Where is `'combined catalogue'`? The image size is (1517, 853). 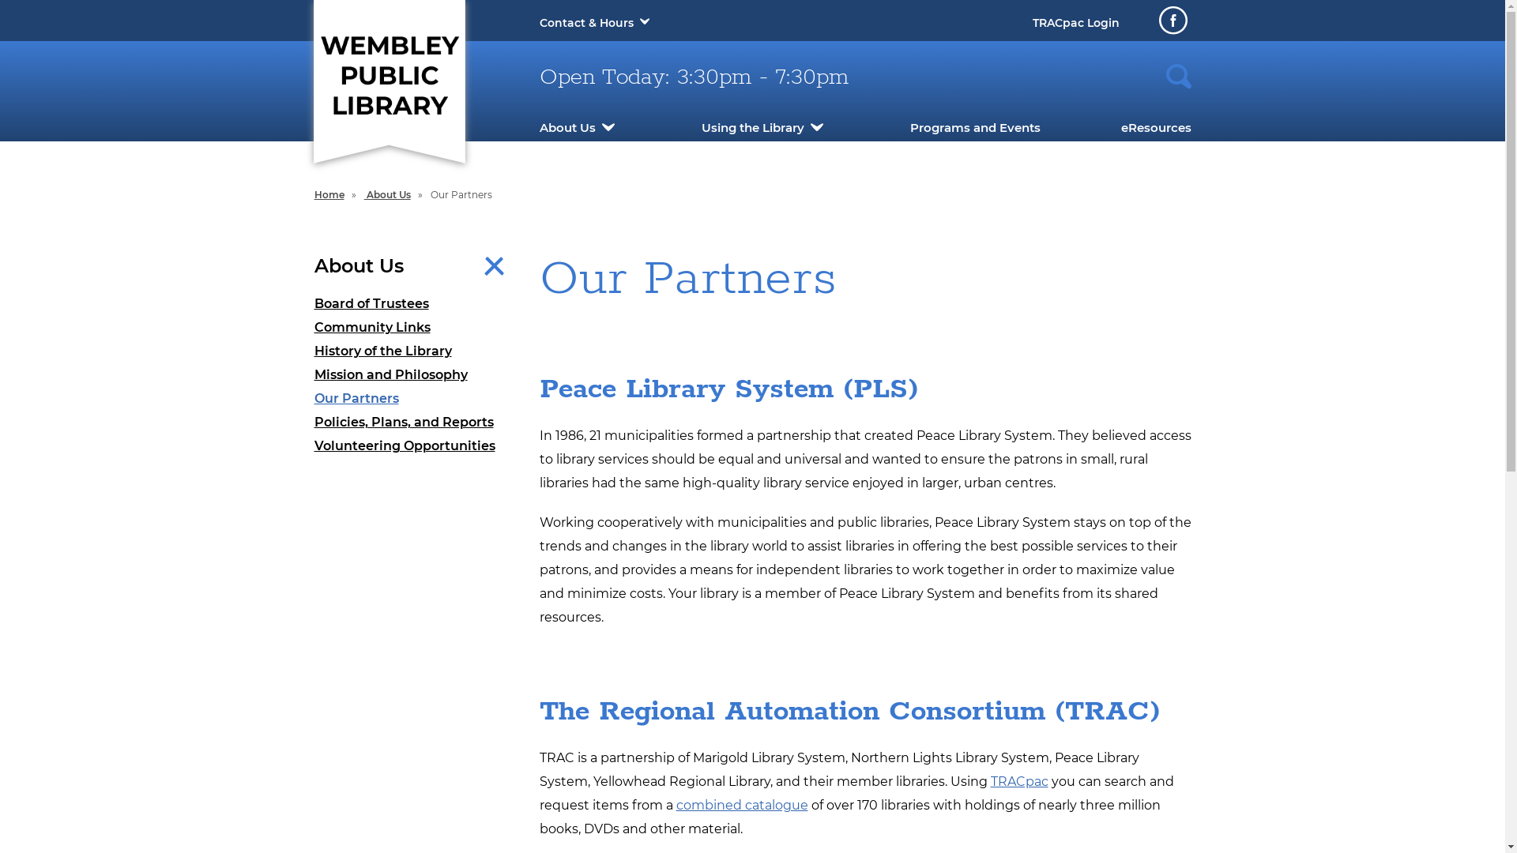 'combined catalogue' is located at coordinates (741, 805).